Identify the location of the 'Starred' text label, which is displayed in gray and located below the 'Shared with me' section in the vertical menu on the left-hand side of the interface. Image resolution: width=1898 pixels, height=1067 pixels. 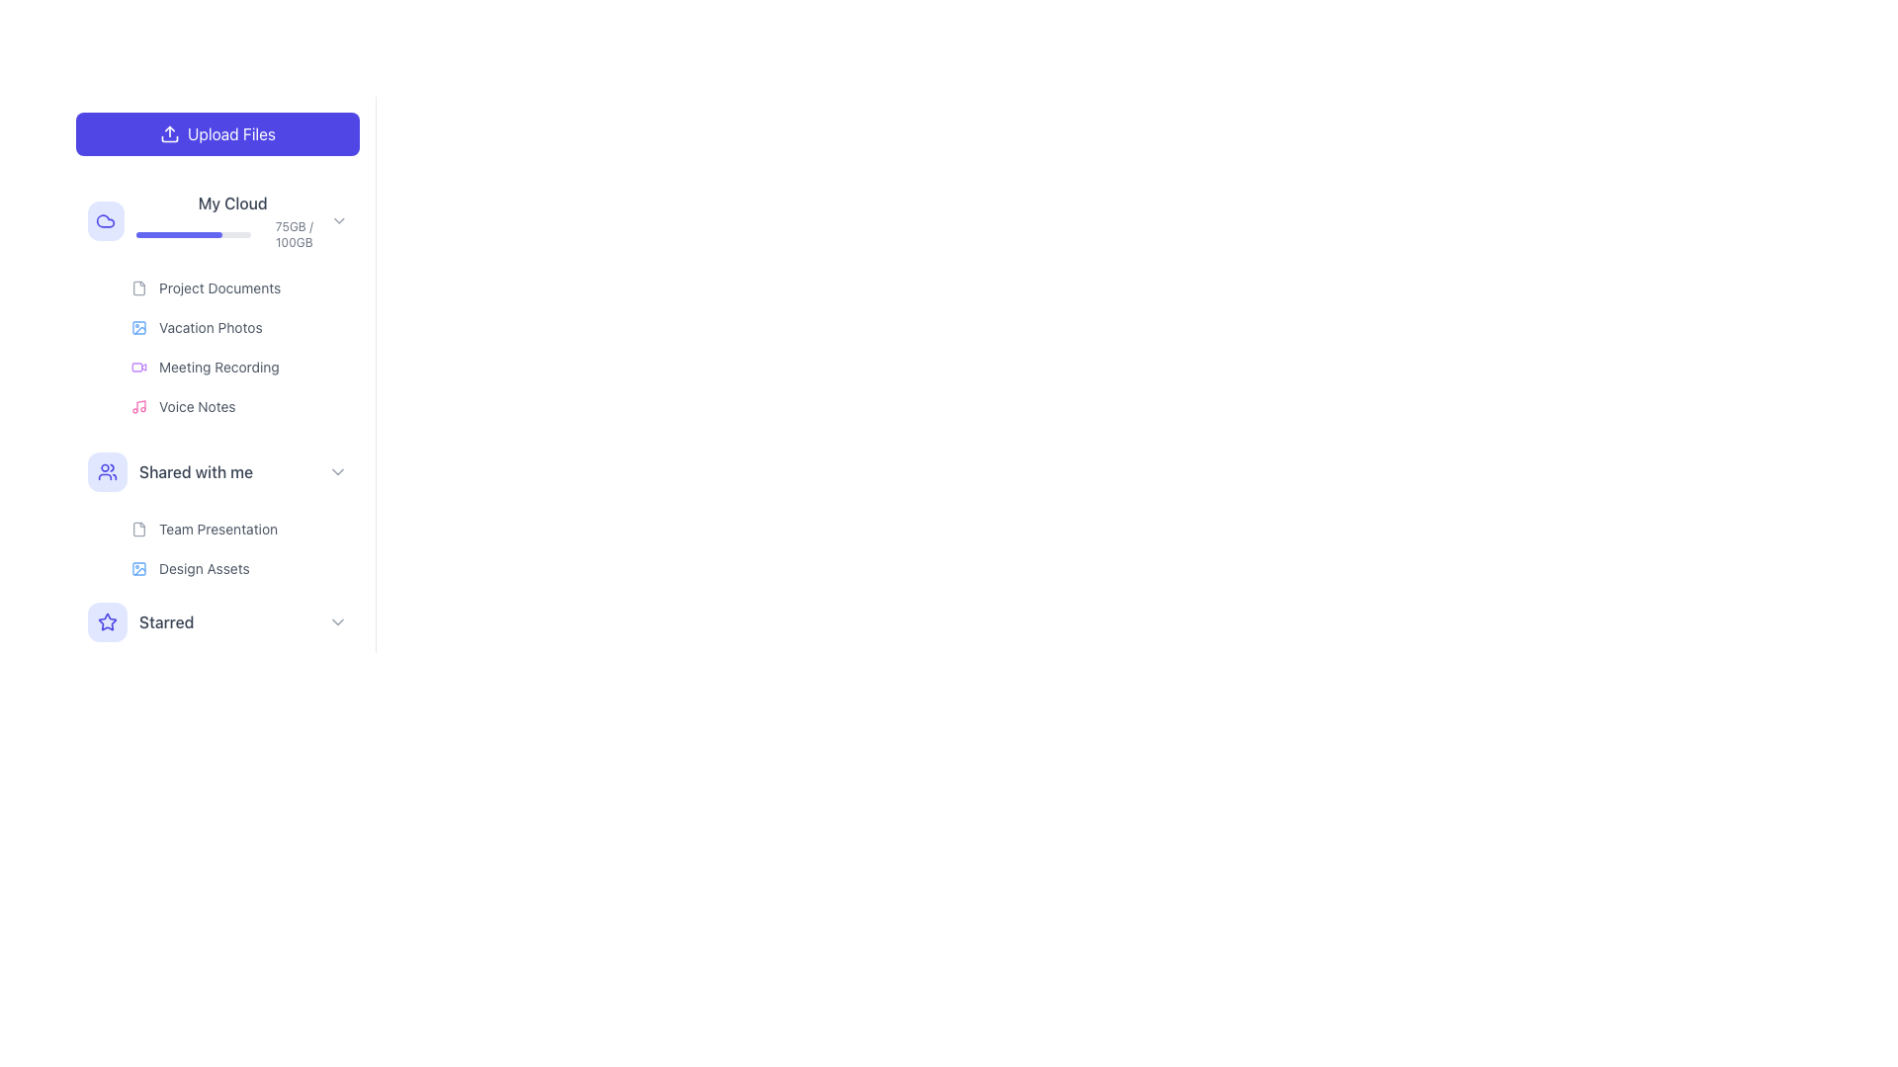
(166, 620).